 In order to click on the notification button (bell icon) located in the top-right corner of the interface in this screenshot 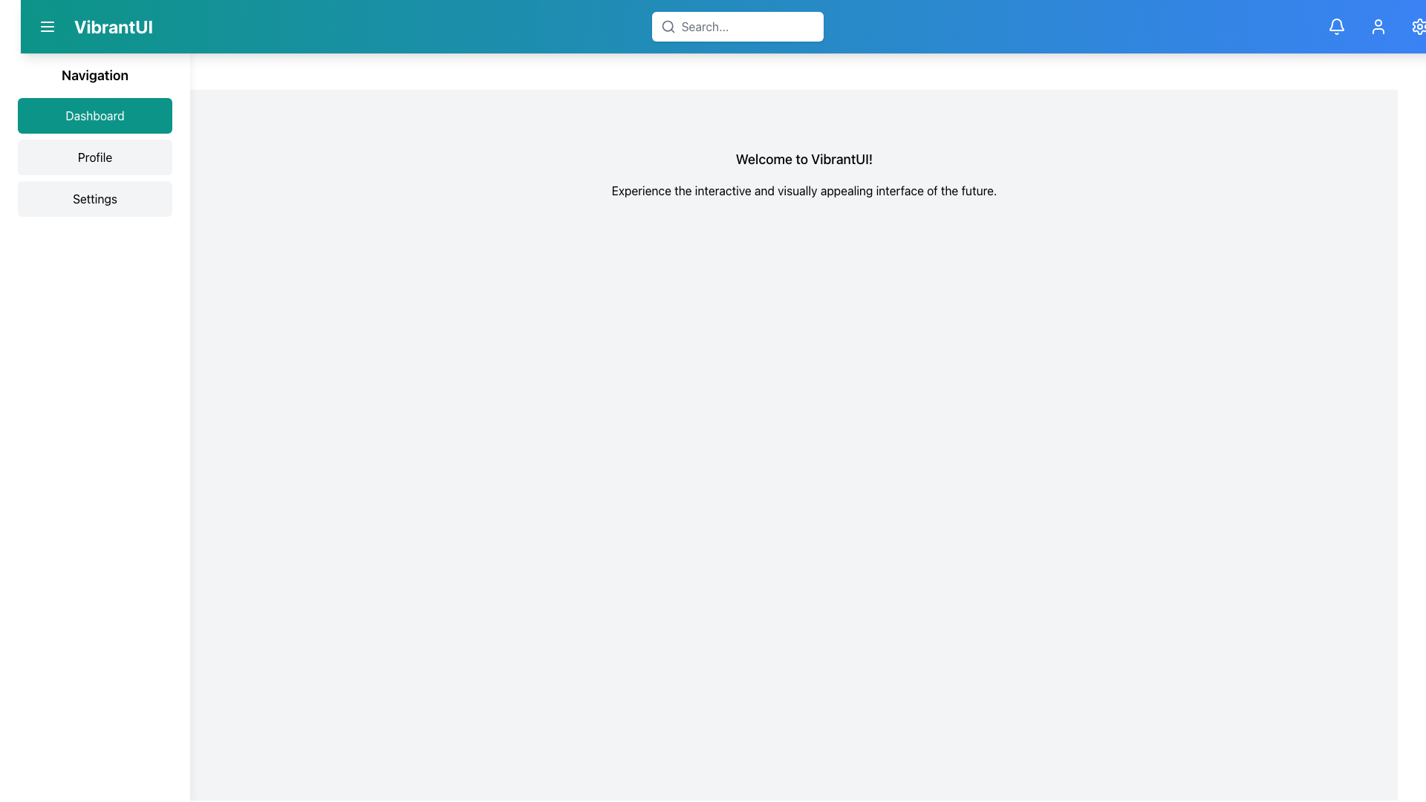, I will do `click(1336, 26)`.